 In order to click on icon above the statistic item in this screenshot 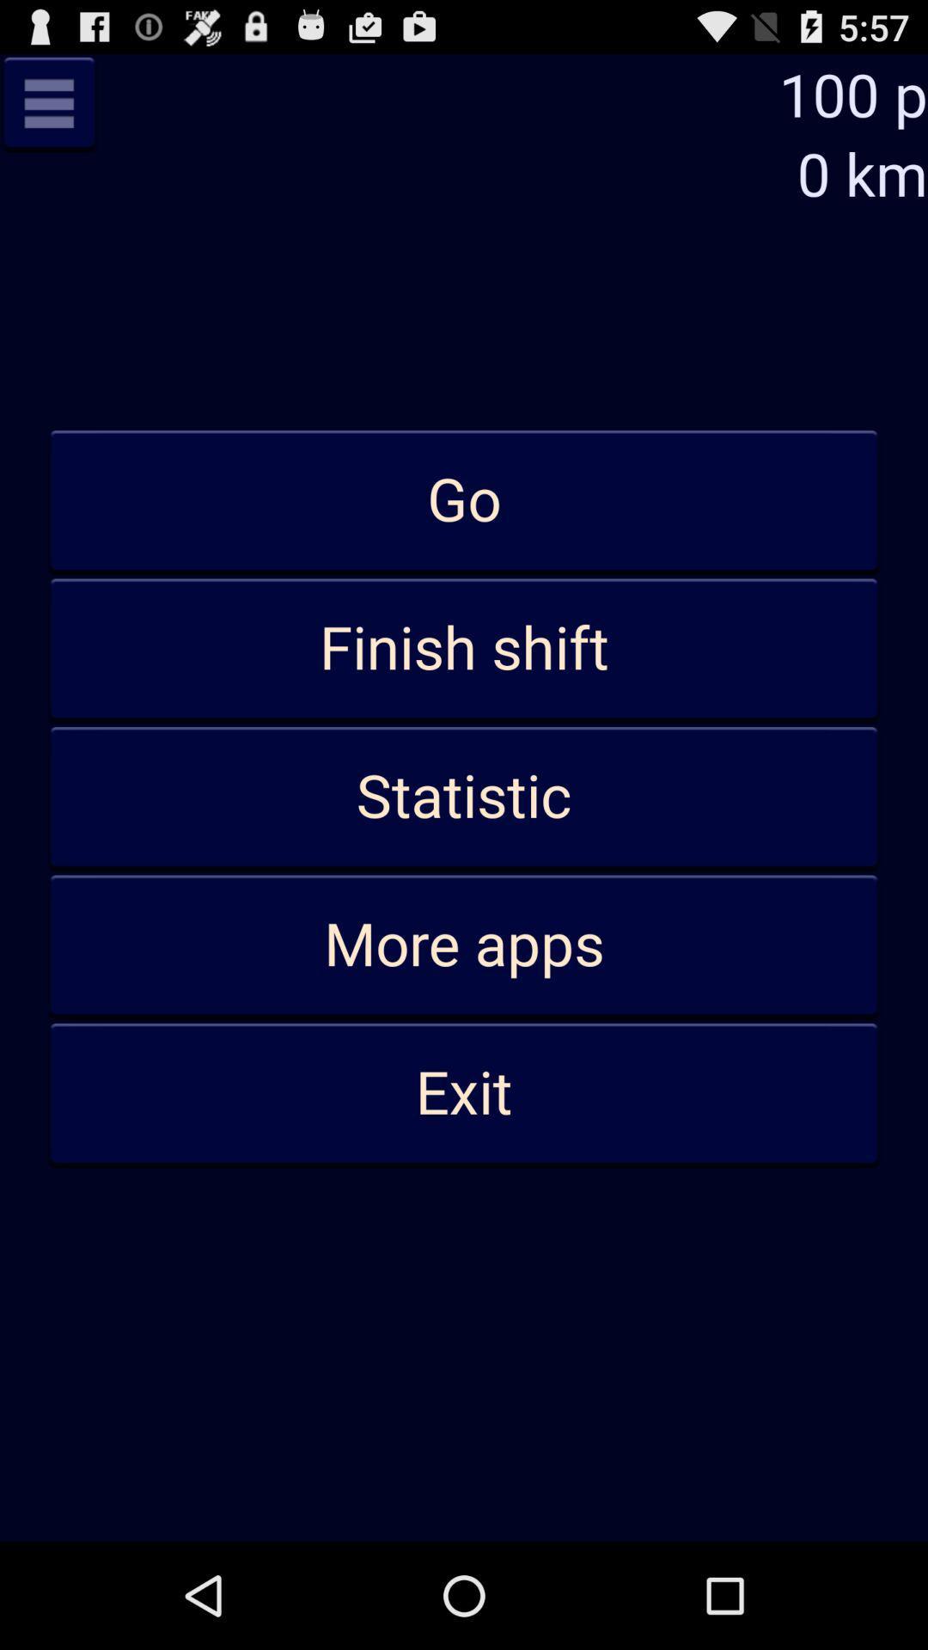, I will do `click(464, 649)`.